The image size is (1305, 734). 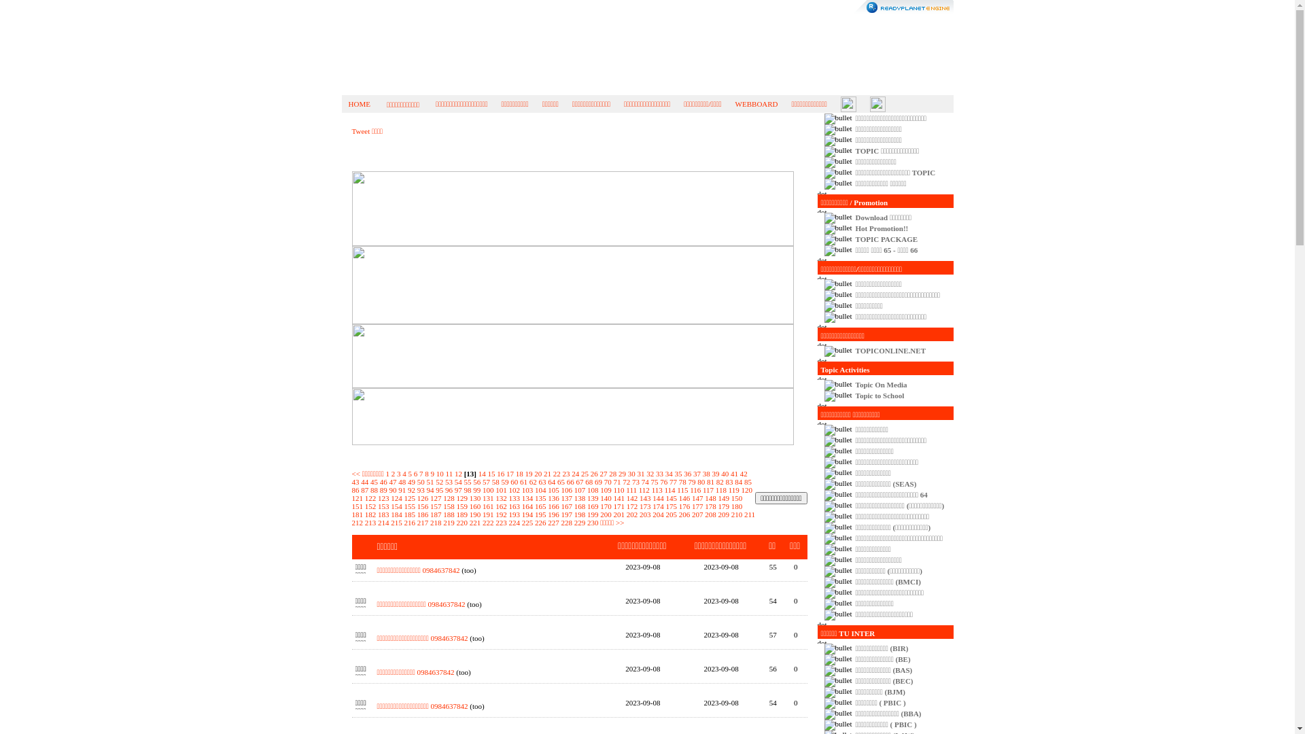 I want to click on '60', so click(x=509, y=481).